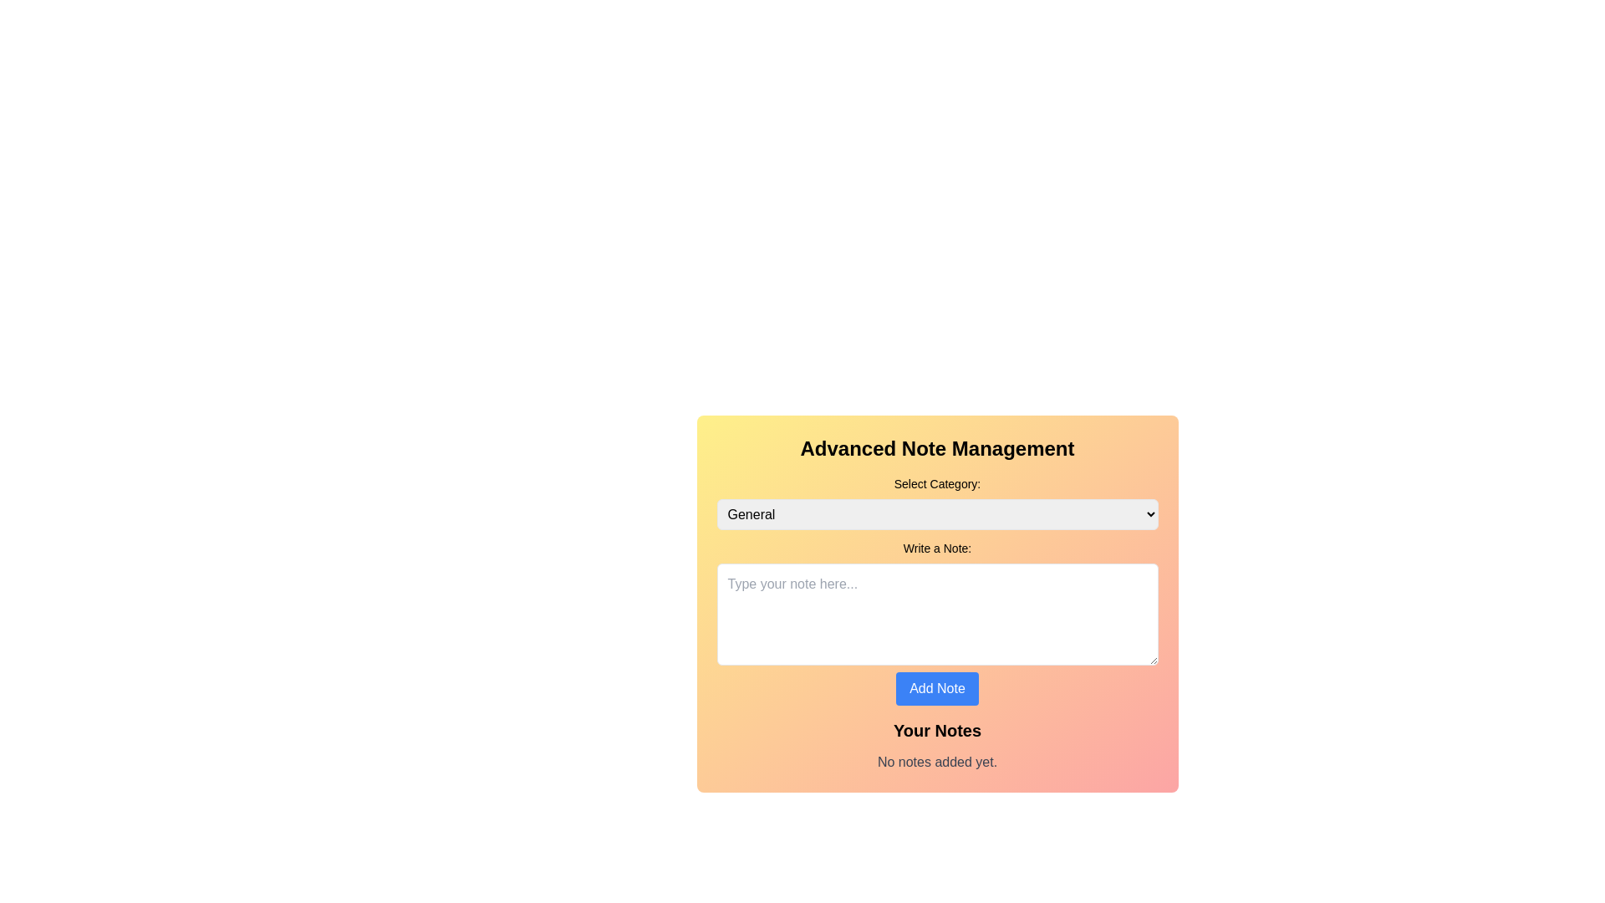 The width and height of the screenshot is (1605, 903). What do you see at coordinates (937, 513) in the screenshot?
I see `the dropdown menu located in the 'Select Category' section` at bounding box center [937, 513].